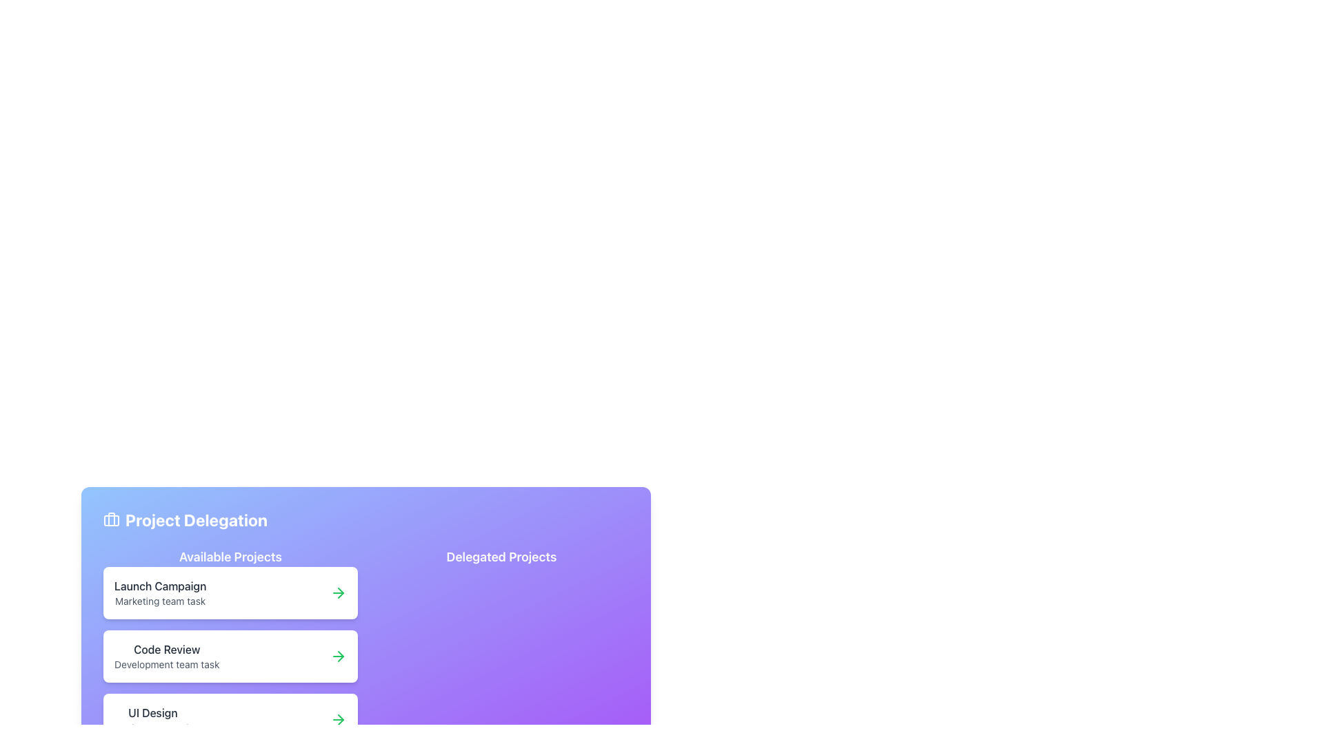 The height and width of the screenshot is (744, 1324). What do you see at coordinates (160, 600) in the screenshot?
I see `the static text label that provides additional context for the 'Launch Campaign' project, located directly below the 'Launch Campaign' label in the 'Available Projects' list` at bounding box center [160, 600].